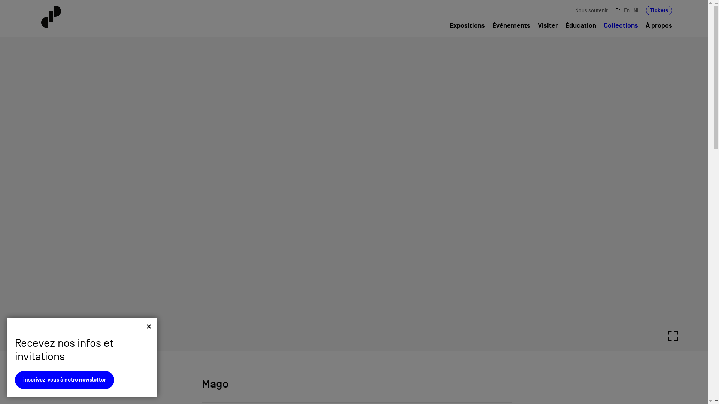 This screenshot has width=719, height=404. Describe the element at coordinates (93, 17) in the screenshot. I see `'Back to homepage'` at that location.